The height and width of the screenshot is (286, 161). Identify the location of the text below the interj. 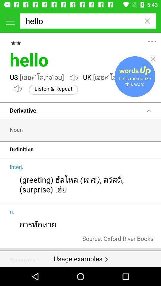
(24, 177).